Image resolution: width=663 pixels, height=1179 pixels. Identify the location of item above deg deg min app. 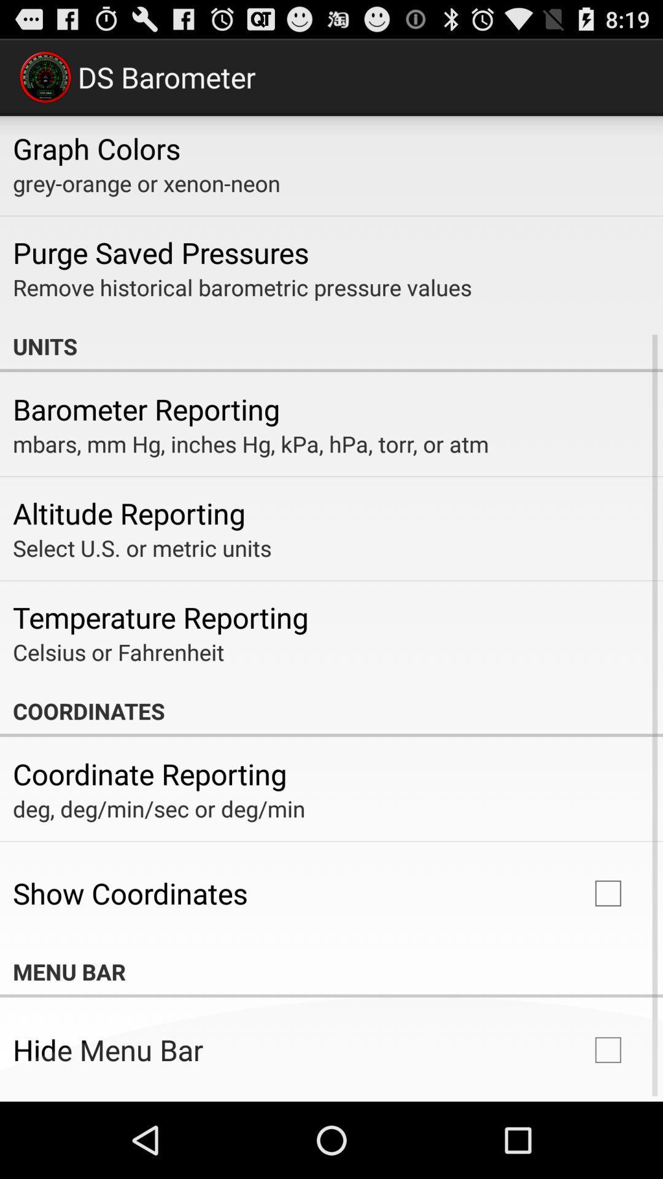
(149, 773).